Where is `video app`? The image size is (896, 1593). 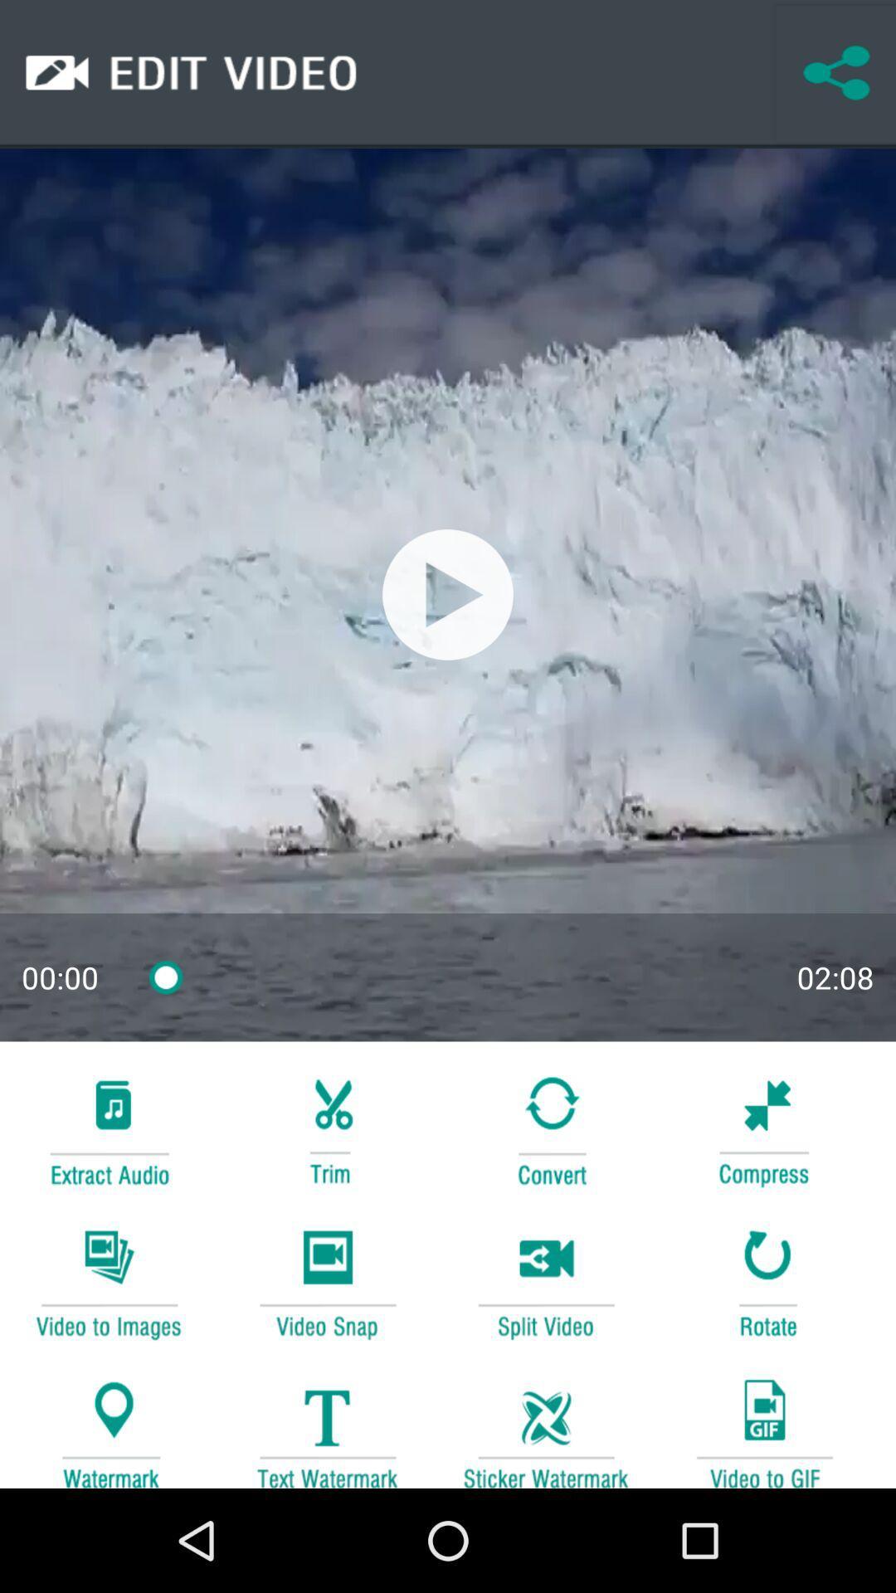 video app is located at coordinates (764, 1425).